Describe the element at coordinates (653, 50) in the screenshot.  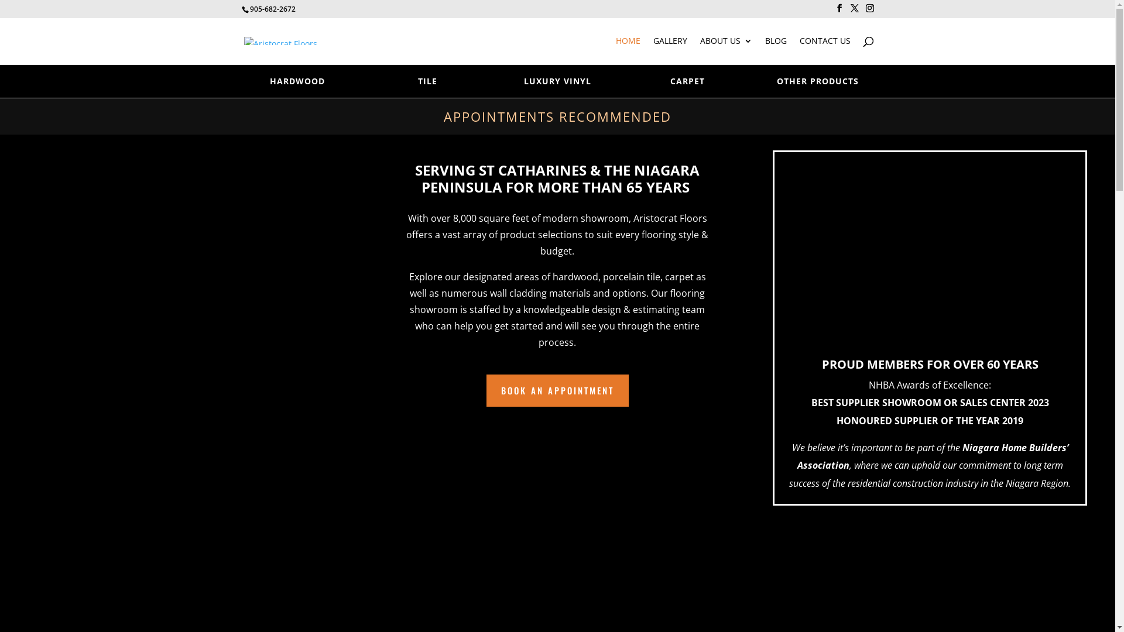
I see `'GALLERY'` at that location.